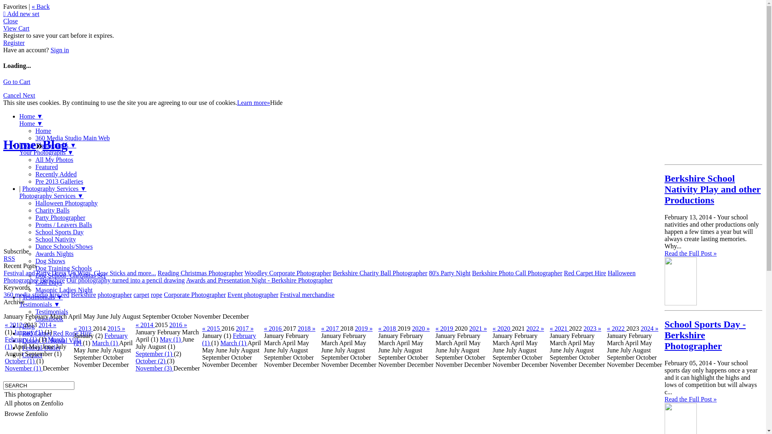 The width and height of the screenshot is (772, 434). I want to click on '80's Party Night', so click(449, 272).